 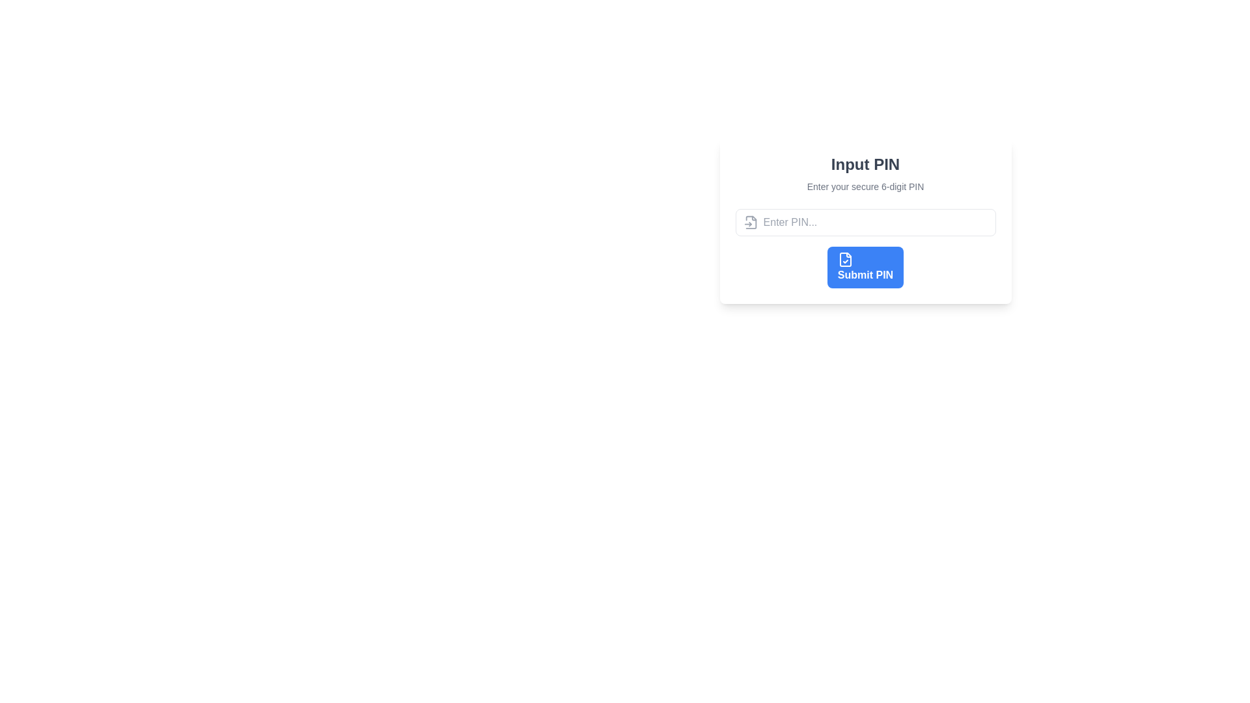 What do you see at coordinates (751, 222) in the screenshot?
I see `the file/document icon located to the immediate left of the text input field with the placeholder text 'Enter PIN...'` at bounding box center [751, 222].